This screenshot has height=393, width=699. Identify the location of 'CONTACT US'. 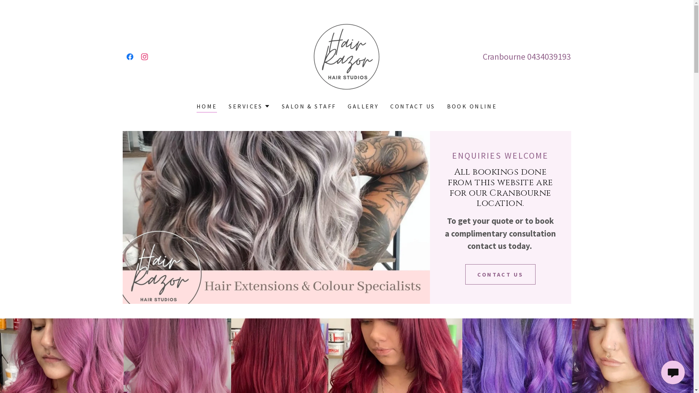
(465, 274).